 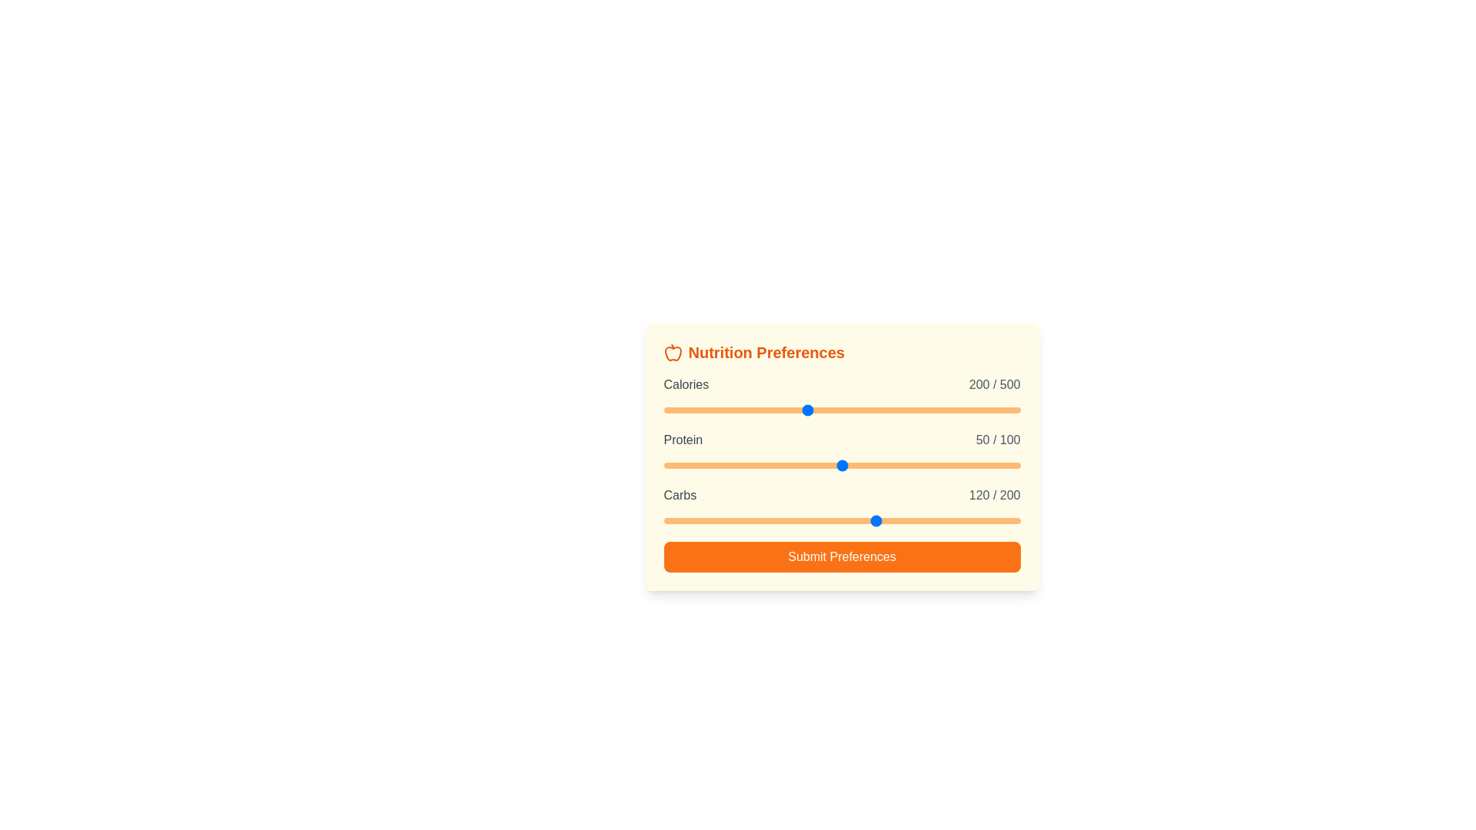 I want to click on the handle of the first range slider located below the text 'Calories 200 / 500', so click(x=841, y=409).